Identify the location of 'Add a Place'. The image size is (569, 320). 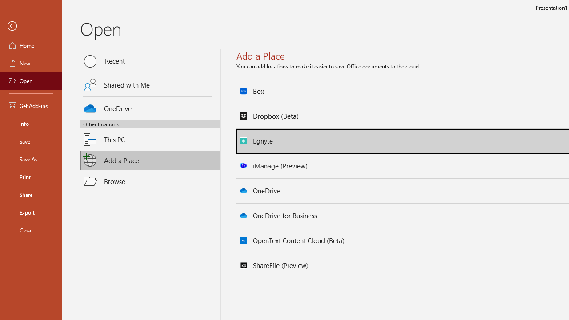
(150, 160).